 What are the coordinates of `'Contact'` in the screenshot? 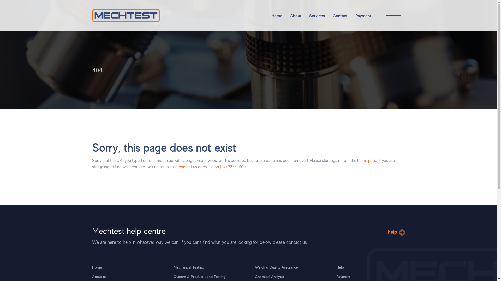 It's located at (328, 15).